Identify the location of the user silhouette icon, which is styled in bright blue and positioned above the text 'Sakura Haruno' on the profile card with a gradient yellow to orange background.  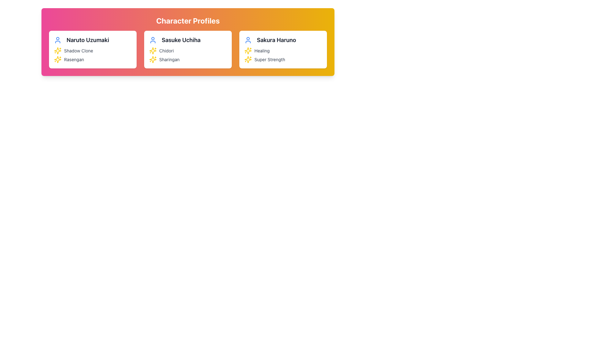
(248, 40).